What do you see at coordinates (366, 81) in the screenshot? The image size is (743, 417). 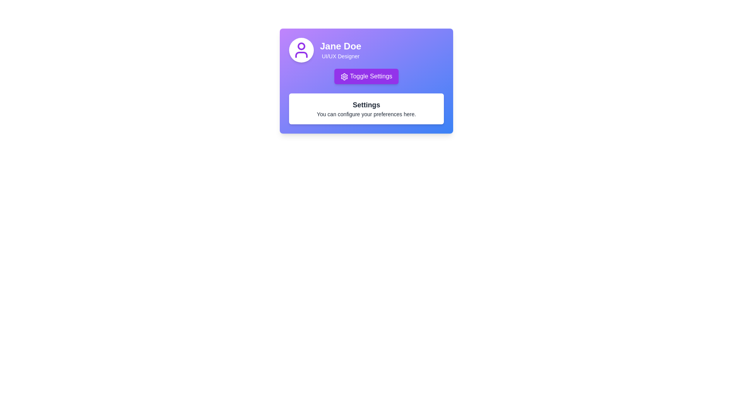 I see `displayed user information from the large gradient card located in the upper-middle part of the interface, which contains white text structured into a title, subtitle, and descriptions` at bounding box center [366, 81].